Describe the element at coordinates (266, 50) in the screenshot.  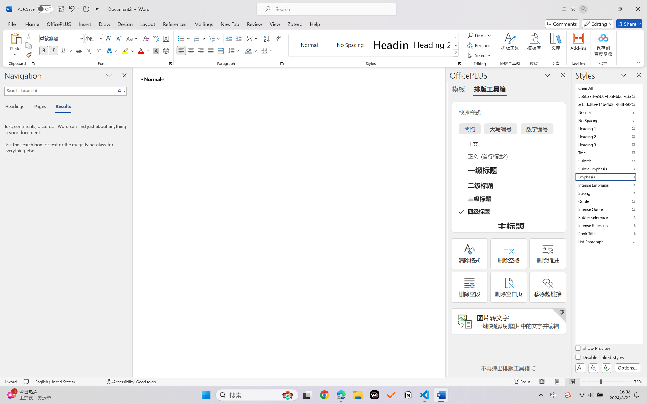
I see `'Borders'` at that location.